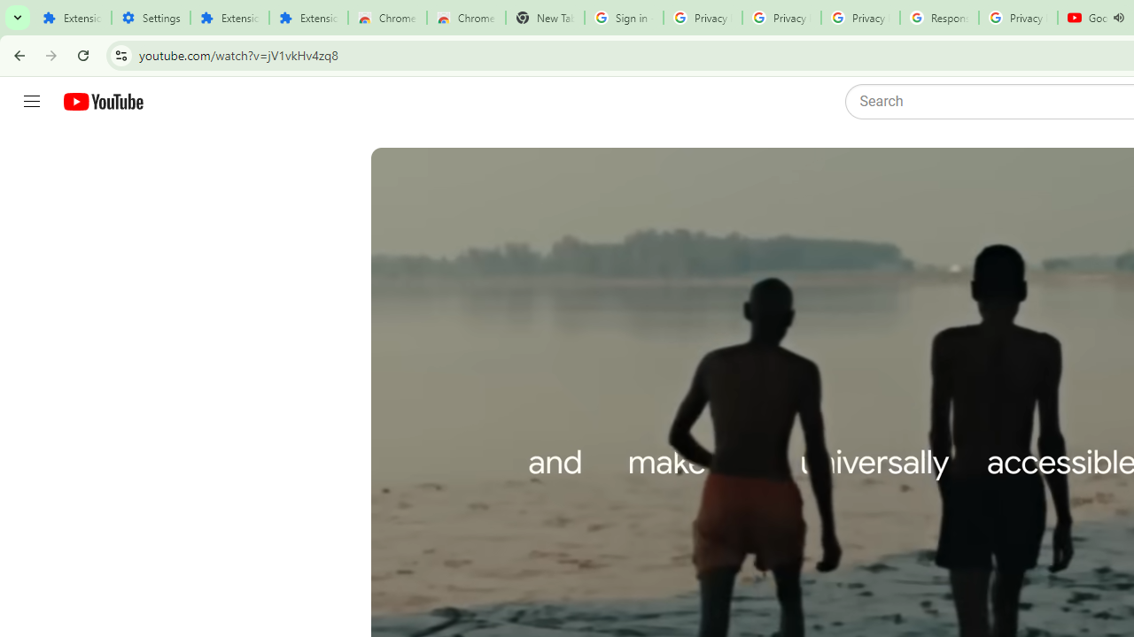  I want to click on 'Reload', so click(82, 54).